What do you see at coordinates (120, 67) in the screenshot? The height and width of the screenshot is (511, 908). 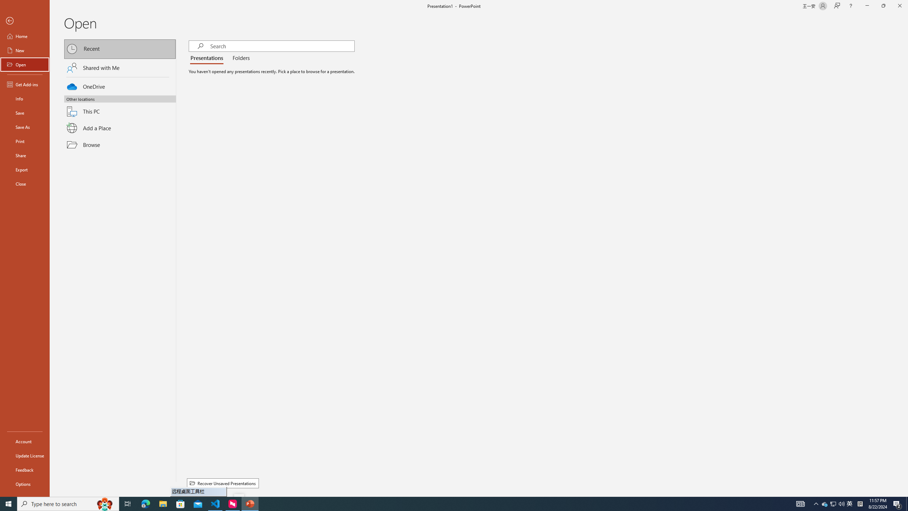 I see `'Shared with Me'` at bounding box center [120, 67].